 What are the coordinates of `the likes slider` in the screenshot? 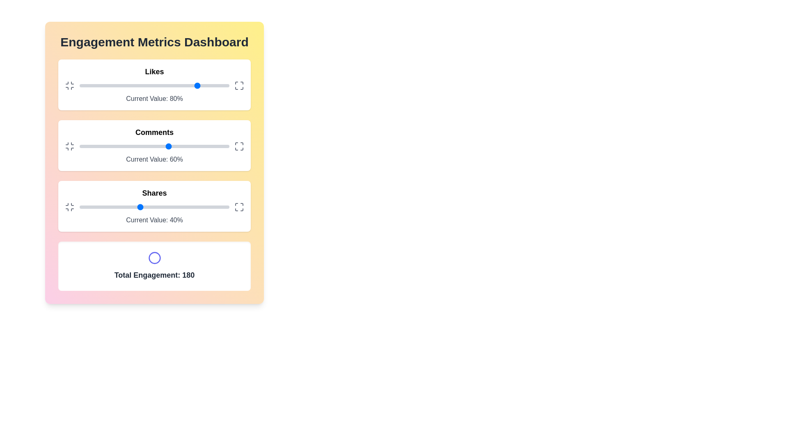 It's located at (167, 85).